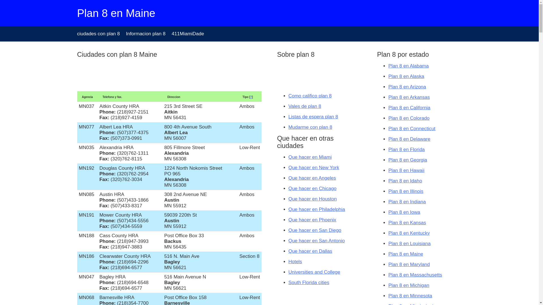 The image size is (543, 305). I want to click on 'Que hacer en Phoenix', so click(312, 219).